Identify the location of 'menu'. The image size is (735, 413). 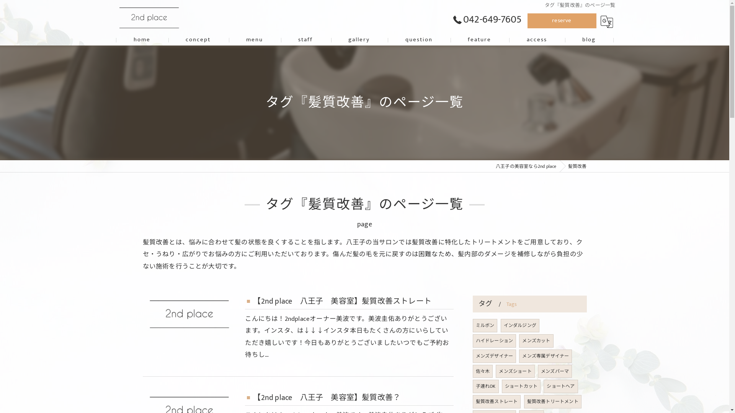
(228, 40).